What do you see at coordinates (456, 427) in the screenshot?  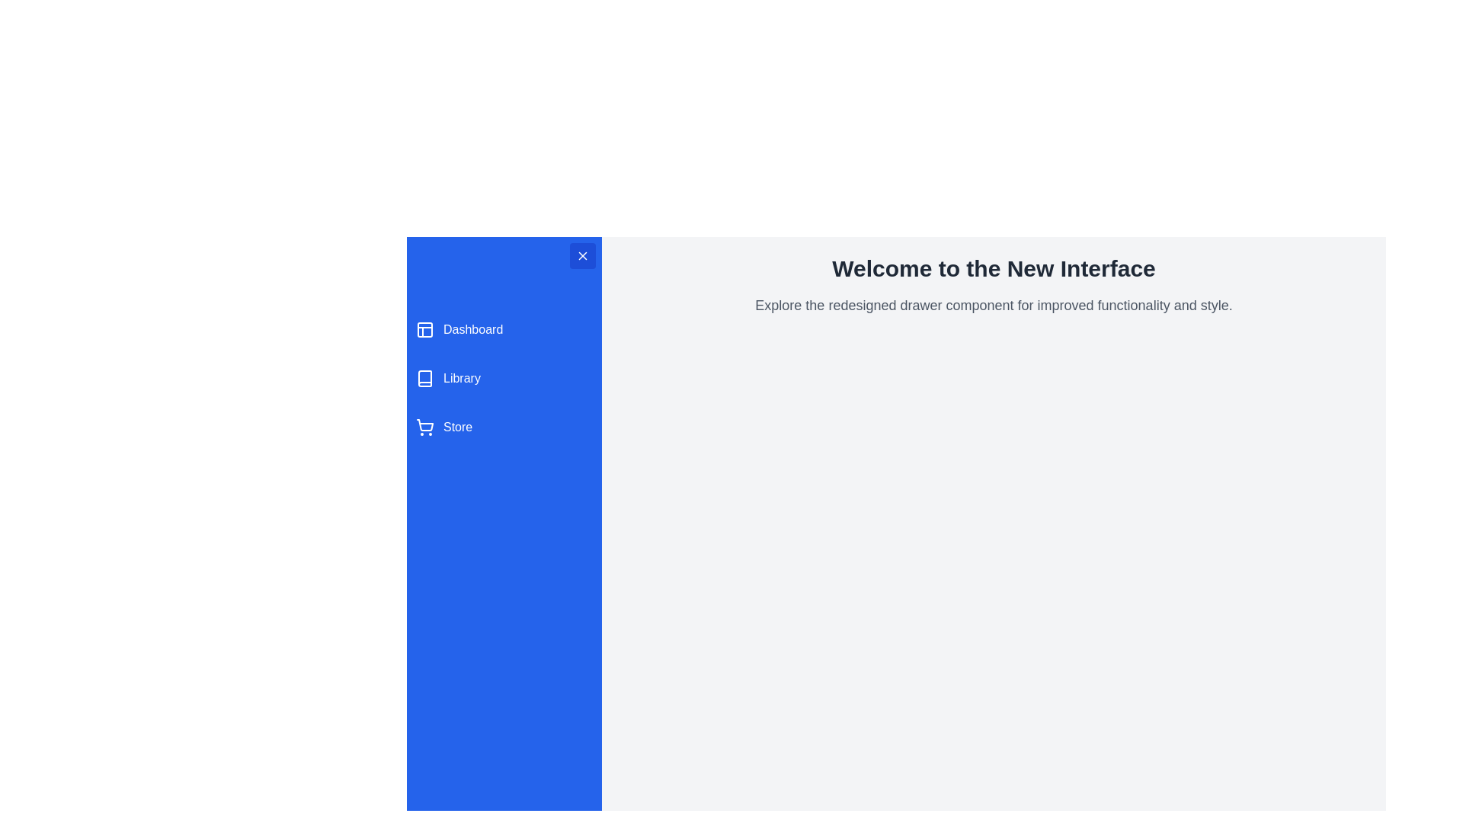 I see `the 'Store' text label located in the left sidebar, beneath the 'Library' menu option, to interact with the surrounding menu item` at bounding box center [456, 427].